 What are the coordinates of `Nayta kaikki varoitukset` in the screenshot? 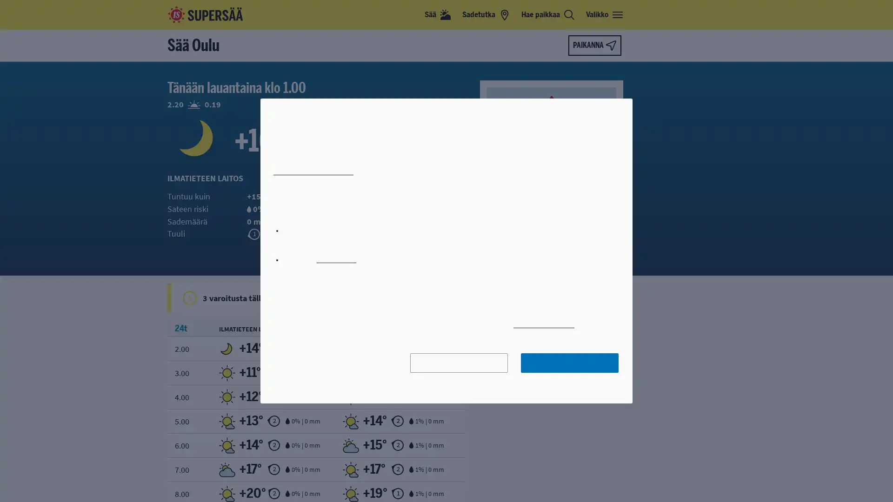 It's located at (453, 297).